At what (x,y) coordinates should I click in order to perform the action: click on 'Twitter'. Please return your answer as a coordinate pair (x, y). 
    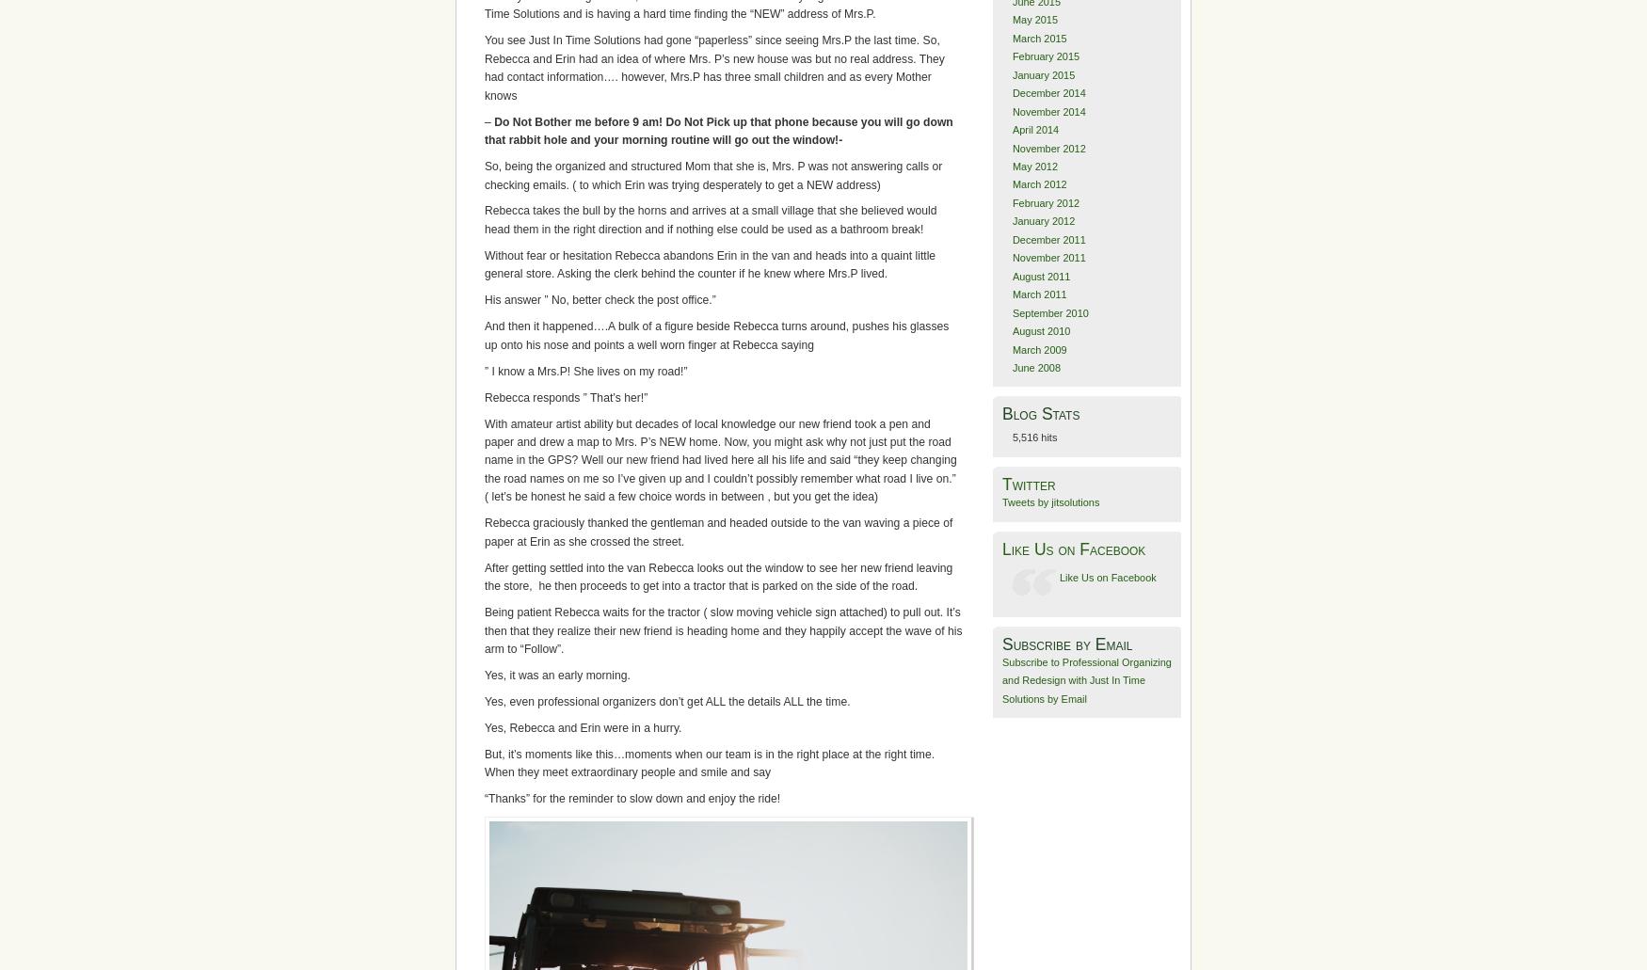
    Looking at the image, I should click on (1029, 483).